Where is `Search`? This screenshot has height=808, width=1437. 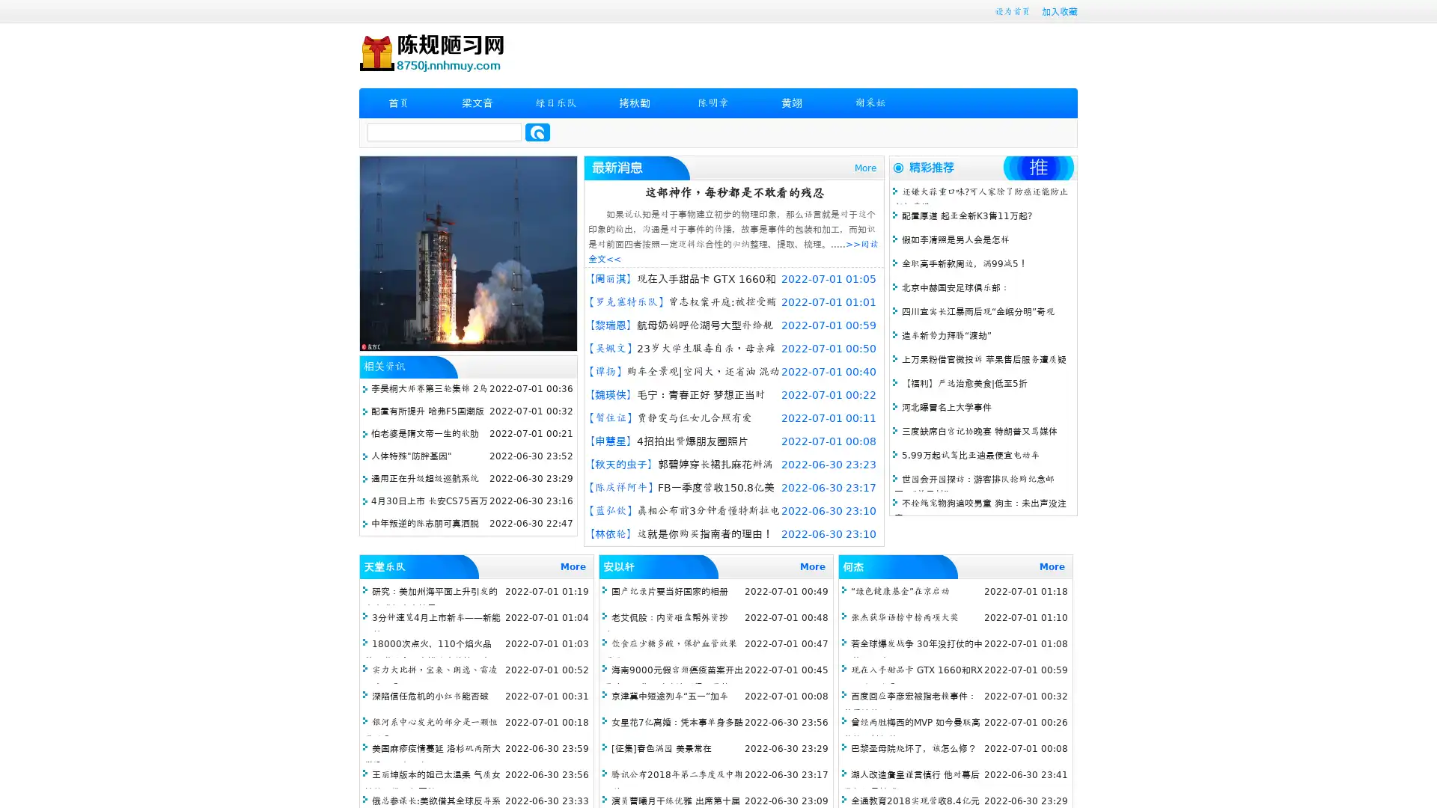 Search is located at coordinates (537, 132).